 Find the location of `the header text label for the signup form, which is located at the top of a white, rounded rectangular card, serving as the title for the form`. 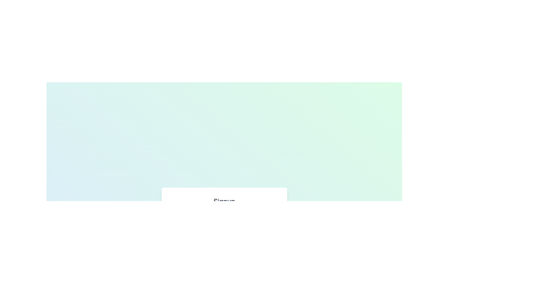

the header text label for the signup form, which is located at the top of a white, rounded rectangular card, serving as the title for the form is located at coordinates (224, 200).